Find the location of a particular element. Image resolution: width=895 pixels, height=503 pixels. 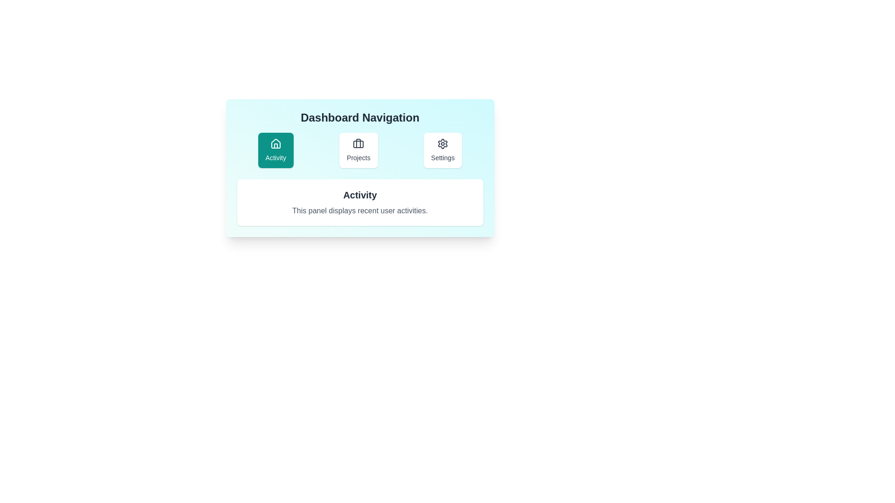

the 'Projects' button in the Navigation Bar located below the 'Dashboard Navigation' heading is located at coordinates (359, 150).